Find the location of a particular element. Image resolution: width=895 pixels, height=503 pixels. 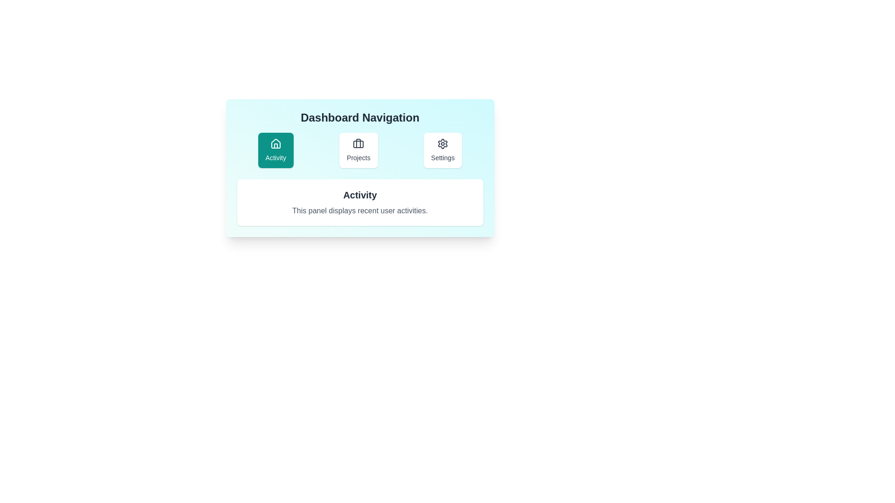

the 'Projects' button in the Navigation Bar located below the 'Dashboard Navigation' heading is located at coordinates (359, 150).